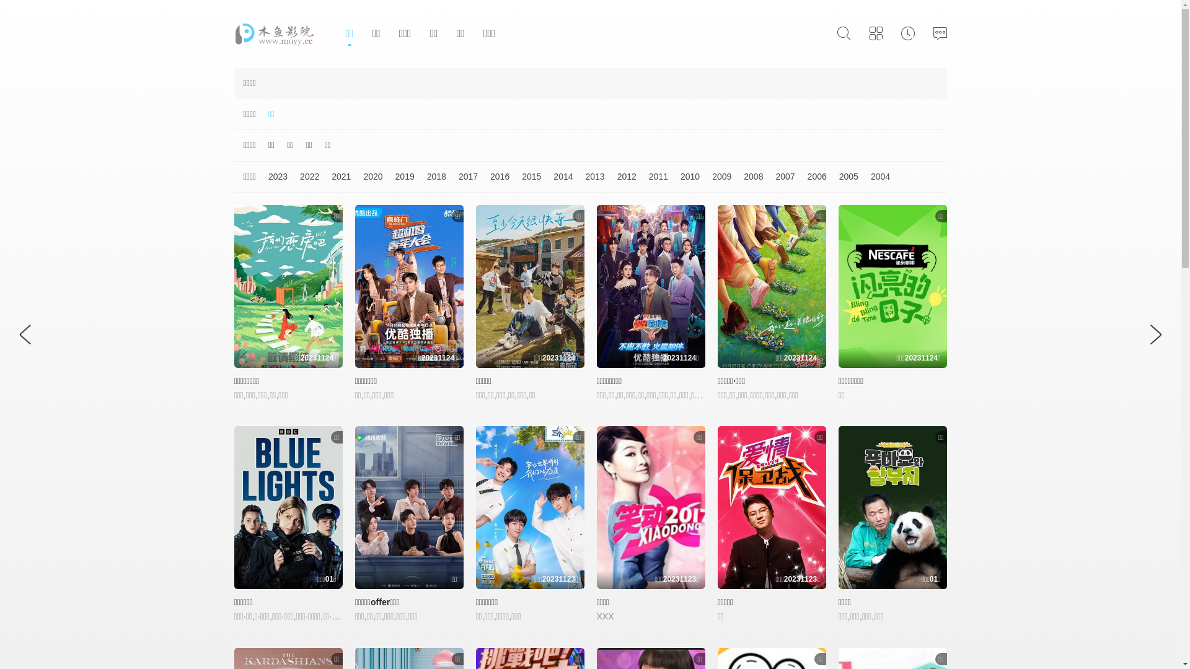 This screenshot has width=1190, height=669. What do you see at coordinates (620, 177) in the screenshot?
I see `'2012'` at bounding box center [620, 177].